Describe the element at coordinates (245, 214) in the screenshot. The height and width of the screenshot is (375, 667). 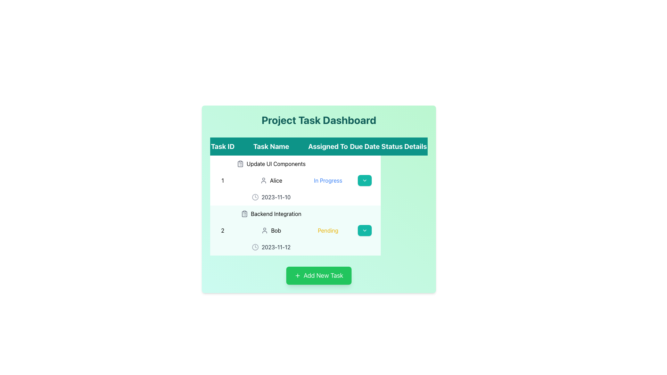
I see `the clipboard icon with a gray outline that represents a list, located in the 'Task Name' column under 'Backend Integration' in the second row of the task table on the 'Project Task Dashboard'` at that location.